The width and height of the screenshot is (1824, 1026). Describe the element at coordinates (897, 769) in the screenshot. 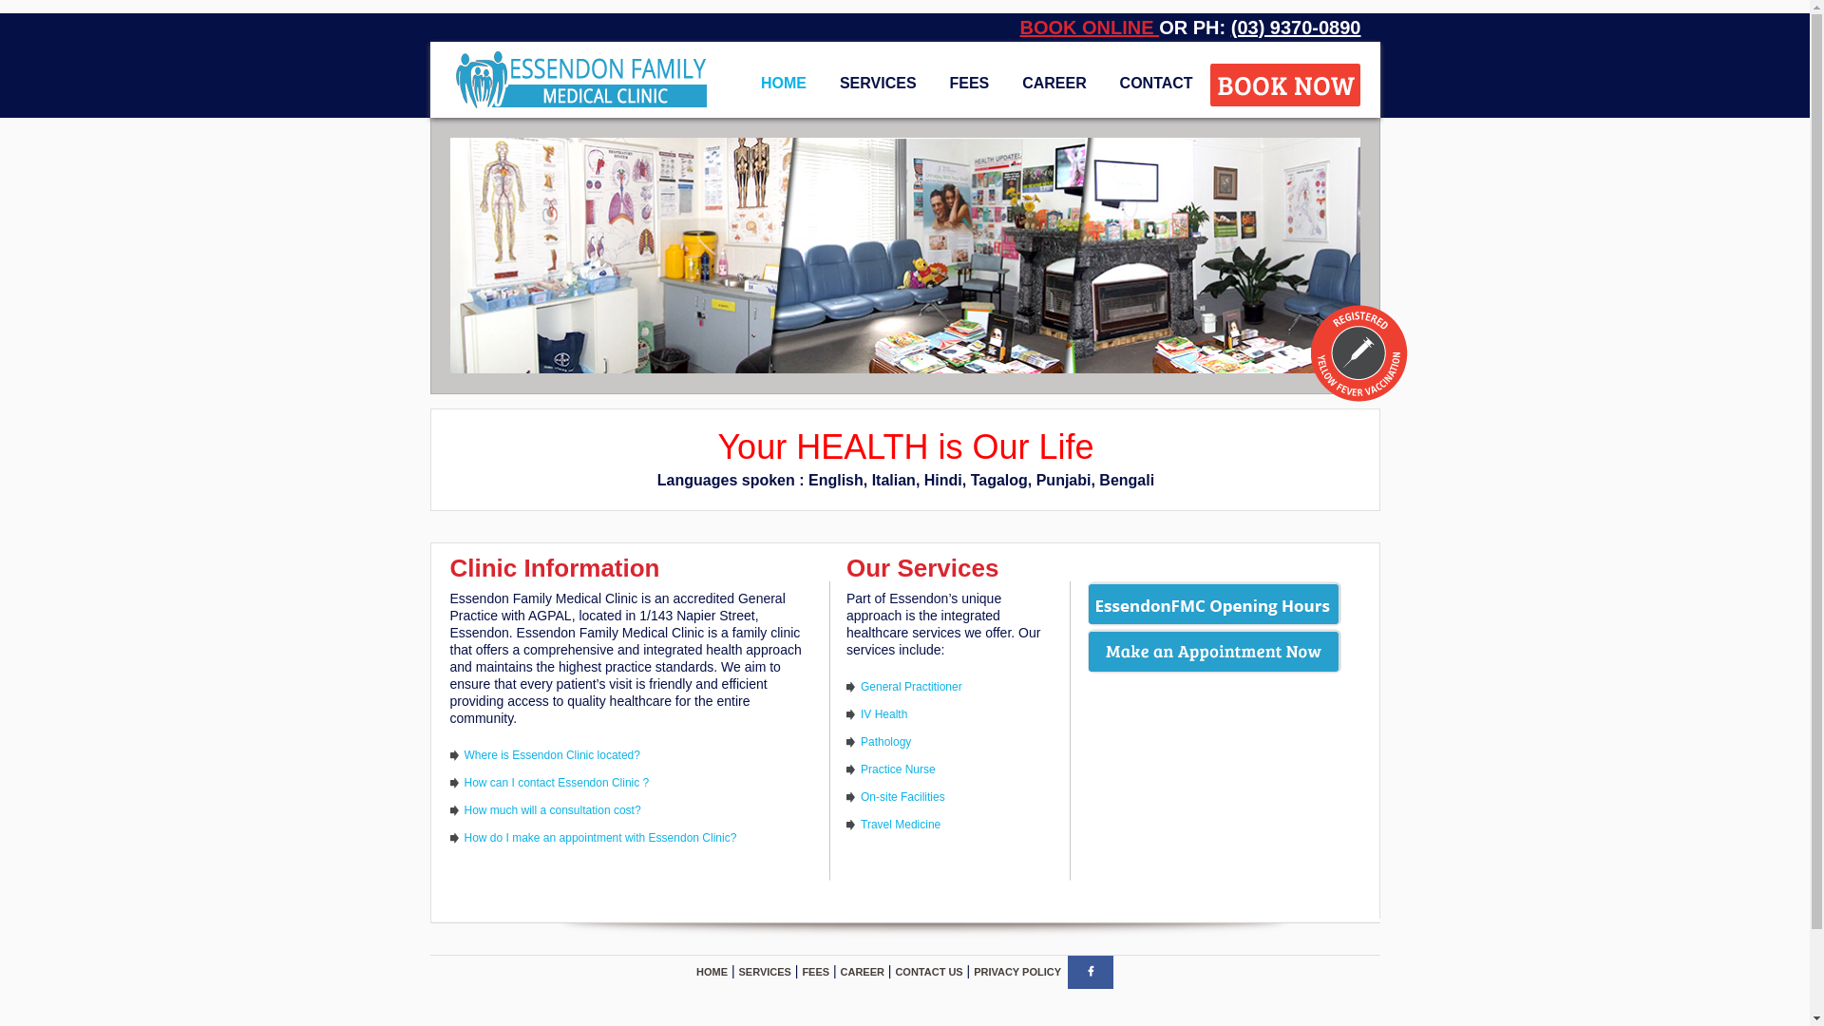

I see `'Practice Nurse'` at that location.